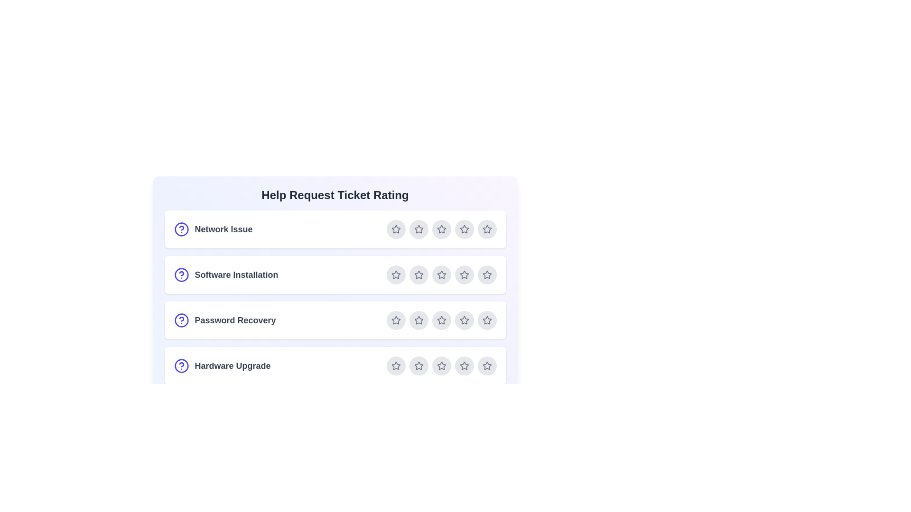 This screenshot has width=911, height=512. I want to click on the star corresponding to 3 for the ticket Network Issue, so click(441, 229).